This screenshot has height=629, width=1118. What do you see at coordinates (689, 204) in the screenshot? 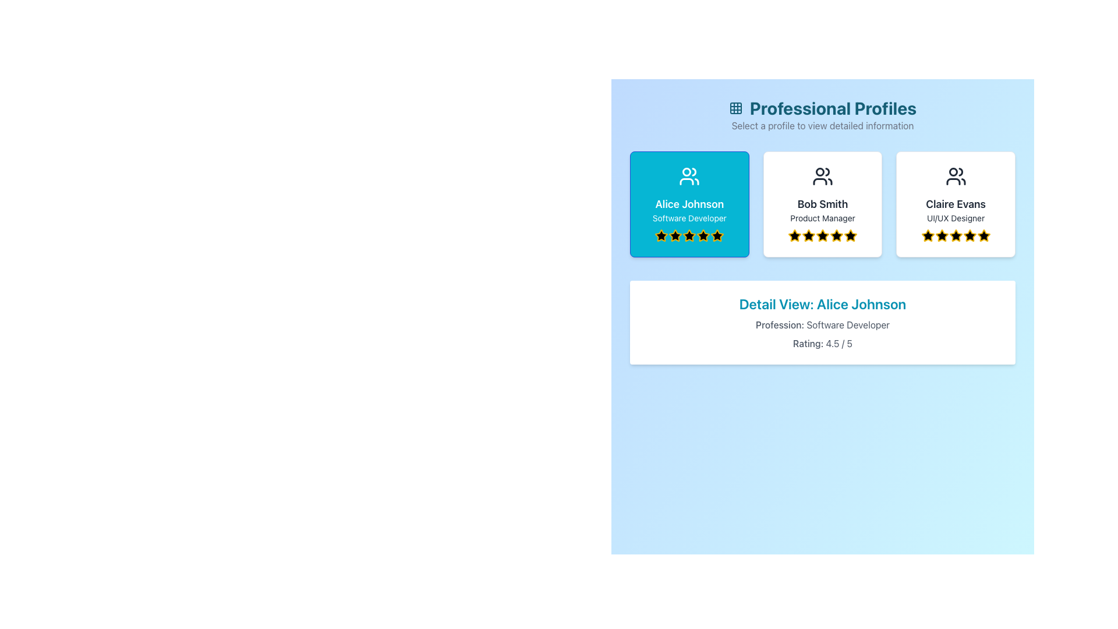
I see `the text label that displays the name of the professional profile in the first profile card, which is positioned towards the top, below the profile icon` at bounding box center [689, 204].